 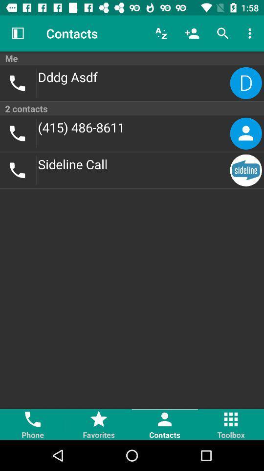 What do you see at coordinates (251, 33) in the screenshot?
I see `icon above the me` at bounding box center [251, 33].